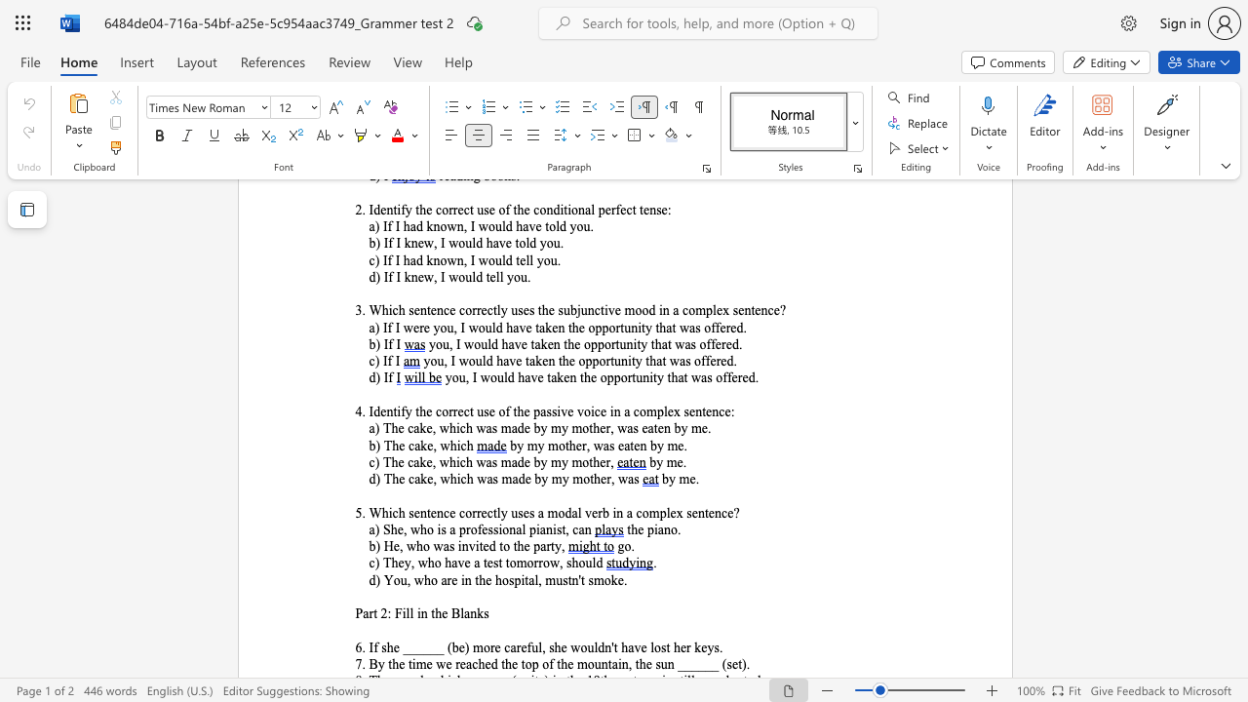 Image resolution: width=1248 pixels, height=702 pixels. Describe the element at coordinates (540, 546) in the screenshot. I see `the subset text "art" within the text "b) He, who was invited to the party,"` at that location.